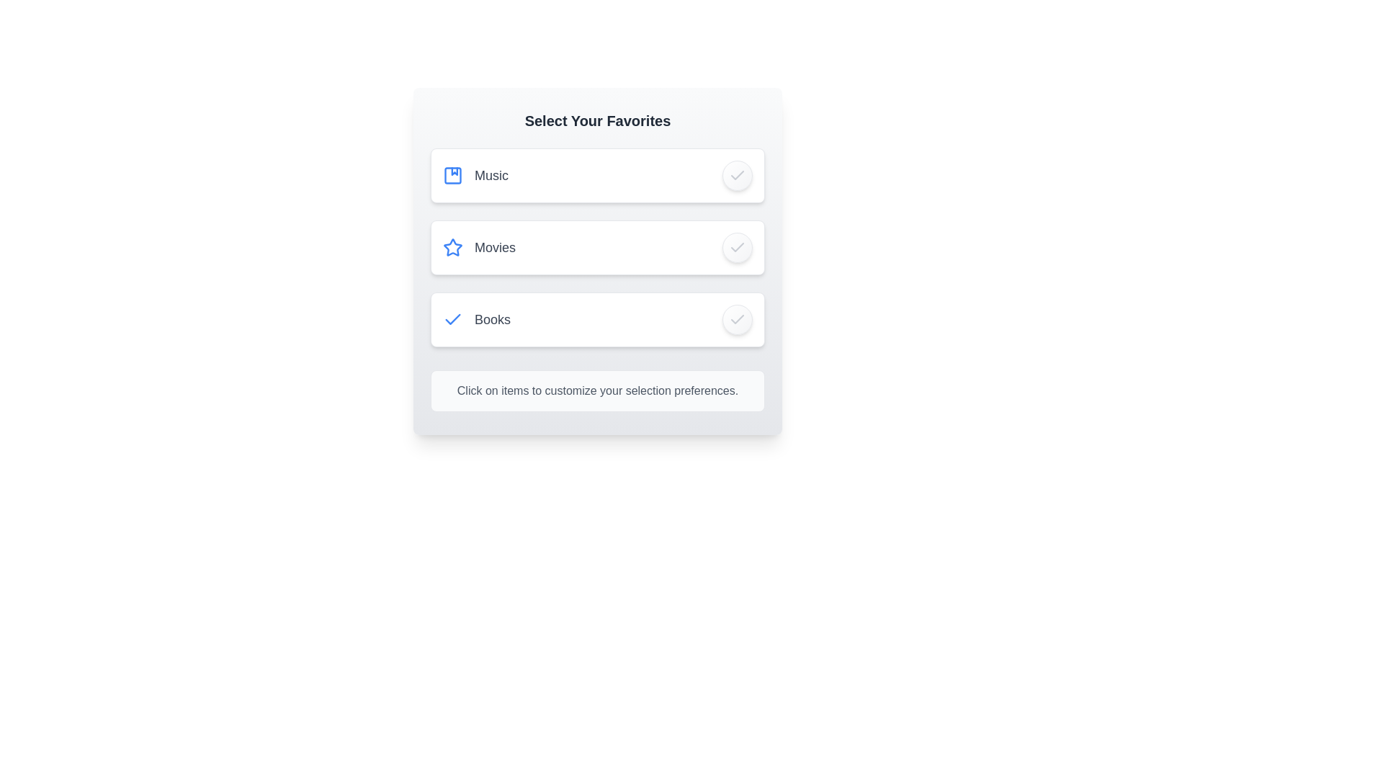 This screenshot has width=1383, height=778. What do you see at coordinates (452, 246) in the screenshot?
I see `the visual representation of the blue star icon located second in the vertical list of icons in the 'Select Your Favorites' interface under the 'Movies' option` at bounding box center [452, 246].